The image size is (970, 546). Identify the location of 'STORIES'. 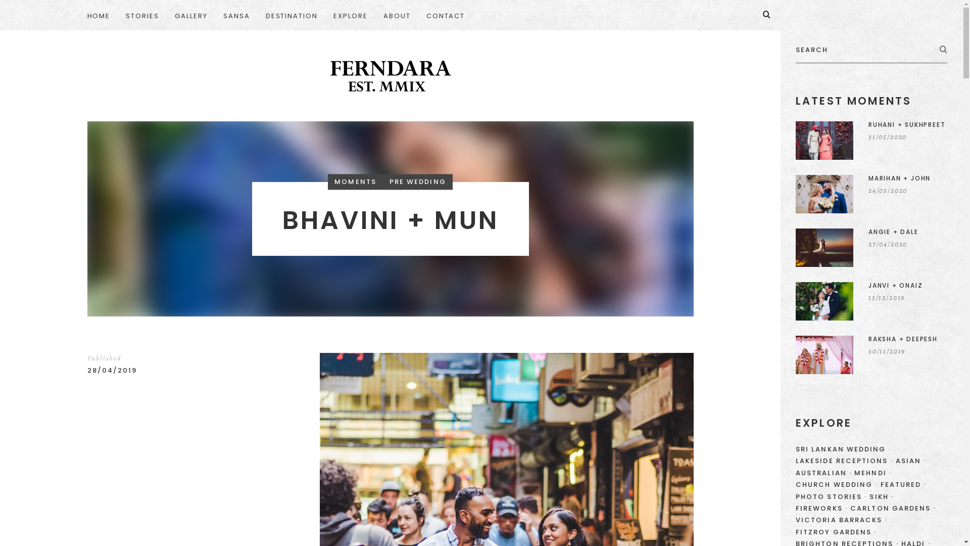
(142, 15).